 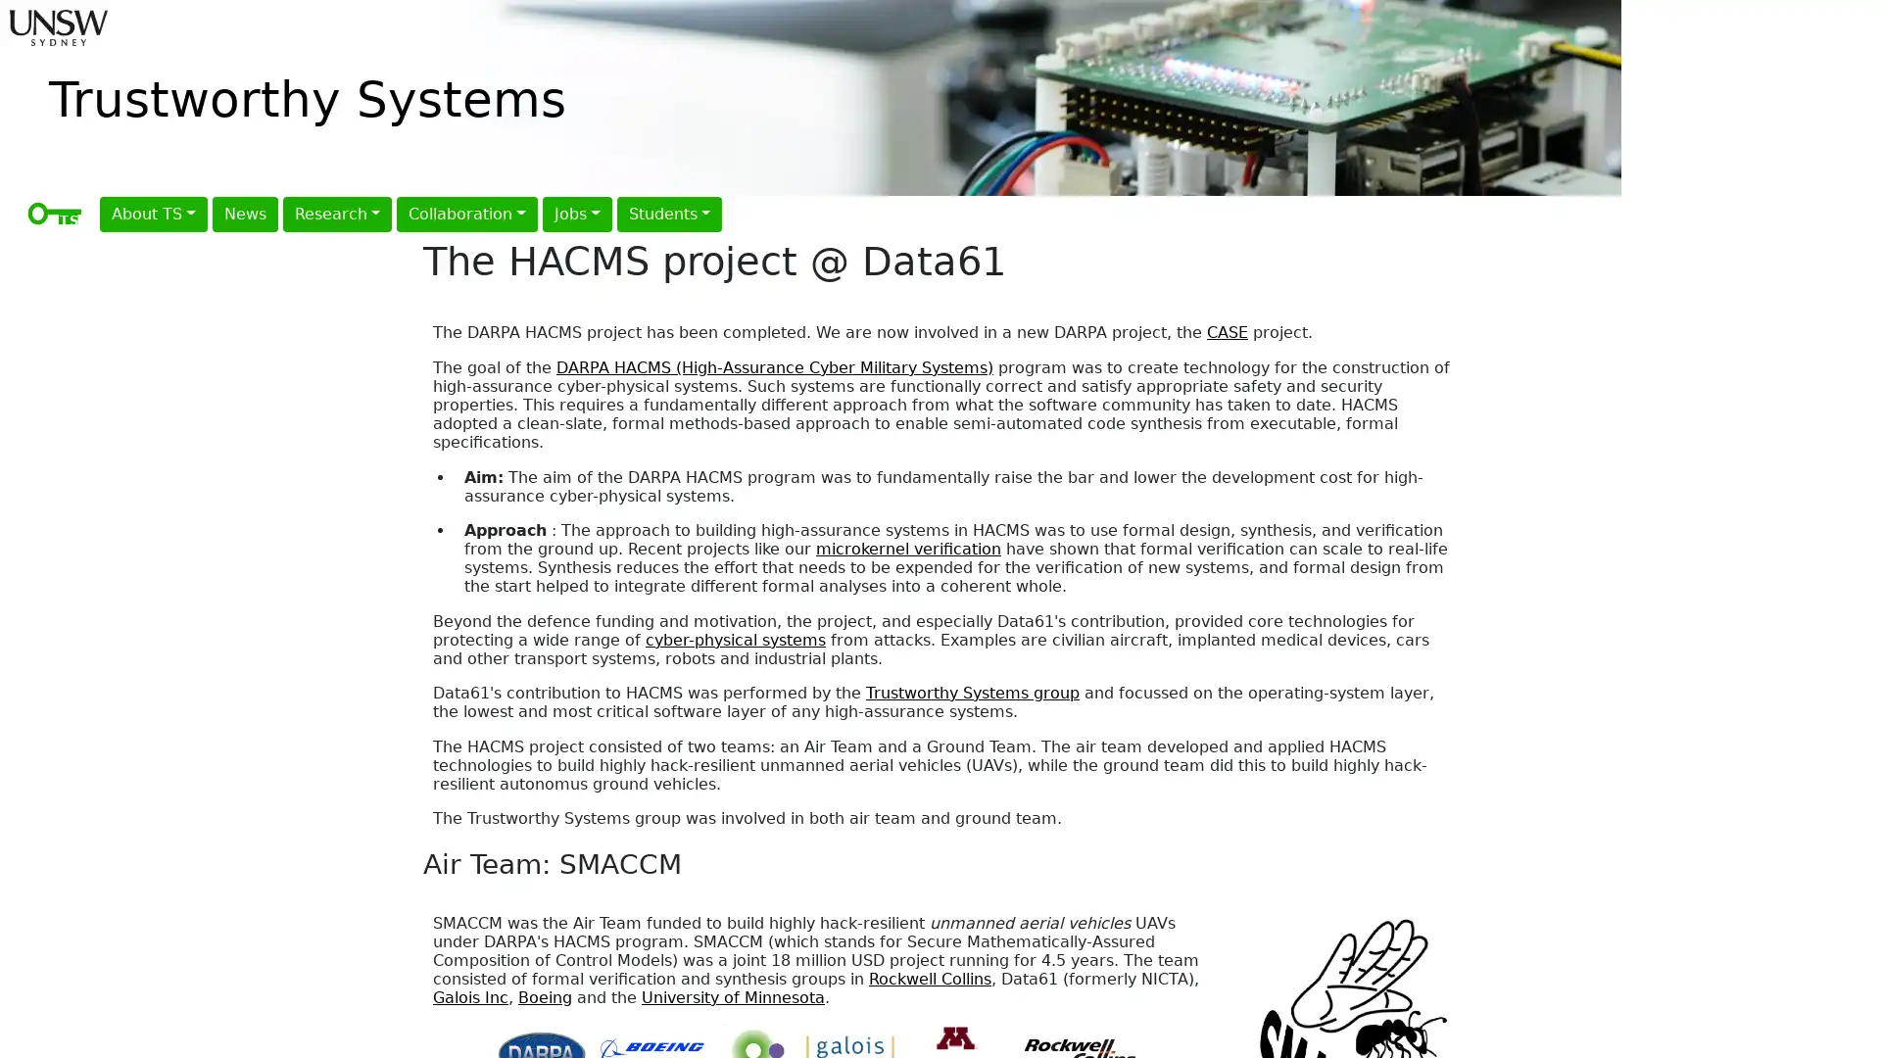 What do you see at coordinates (668, 214) in the screenshot?
I see `Students` at bounding box center [668, 214].